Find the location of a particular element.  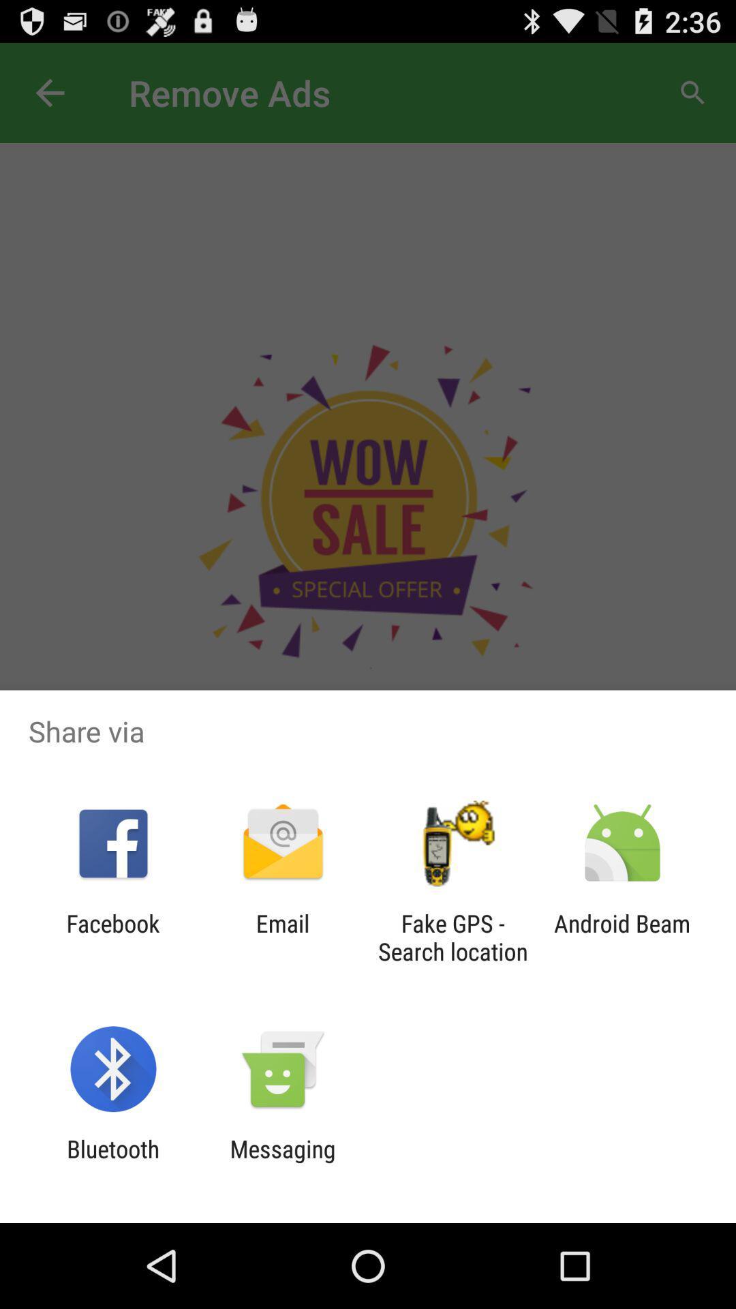

the item next to email icon is located at coordinates (112, 937).